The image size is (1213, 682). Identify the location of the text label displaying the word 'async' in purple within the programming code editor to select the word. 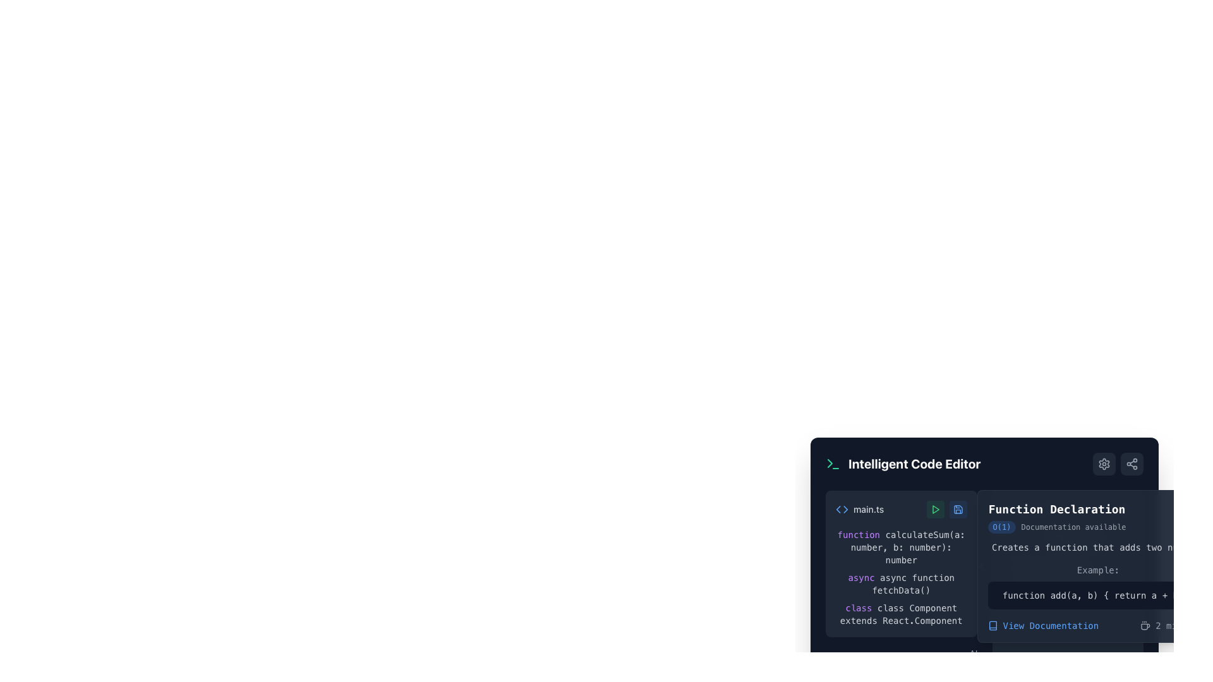
(860, 577).